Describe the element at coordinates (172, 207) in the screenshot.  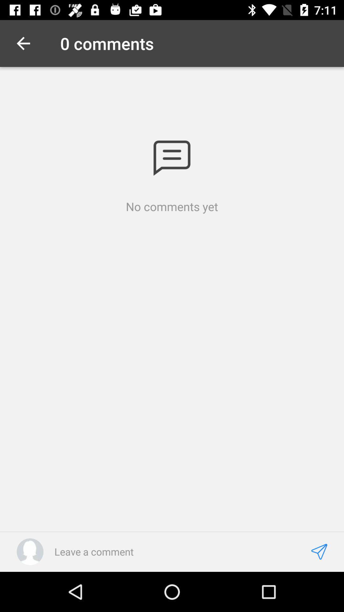
I see `no comments yet at the center` at that location.